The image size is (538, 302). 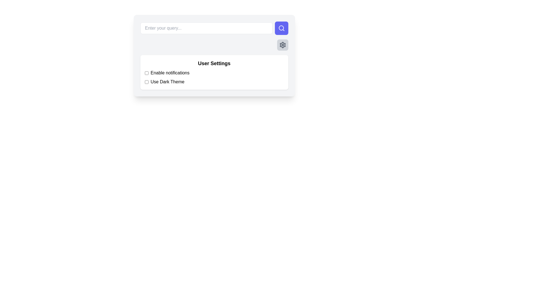 What do you see at coordinates (214, 63) in the screenshot?
I see `the 'User Settings' text label, which is styled in bold and larger font, serving as the header for the settings panel` at bounding box center [214, 63].